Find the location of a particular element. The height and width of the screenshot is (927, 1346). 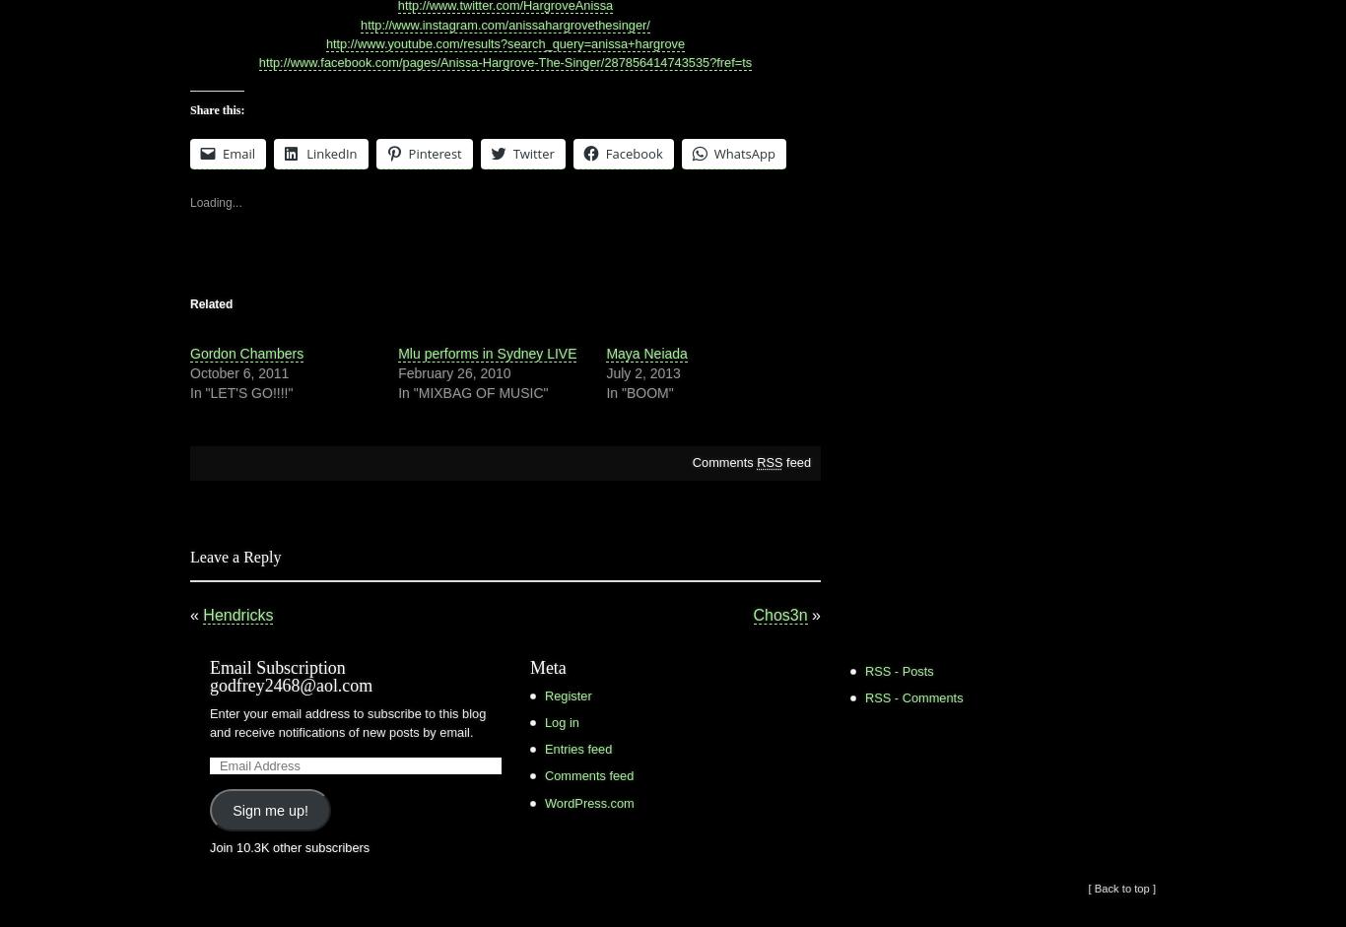

'WhatsApp' is located at coordinates (712, 151).